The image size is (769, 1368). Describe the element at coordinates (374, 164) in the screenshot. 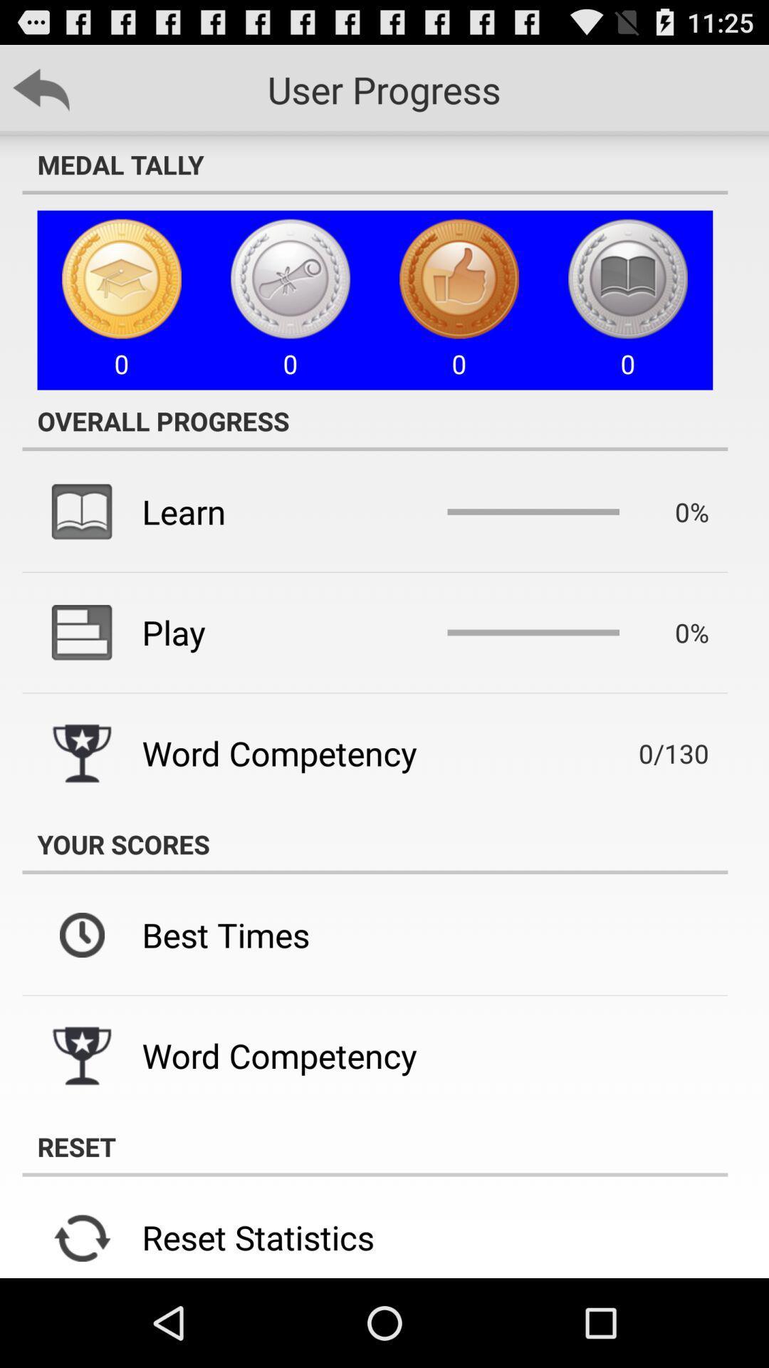

I see `the medal tally` at that location.